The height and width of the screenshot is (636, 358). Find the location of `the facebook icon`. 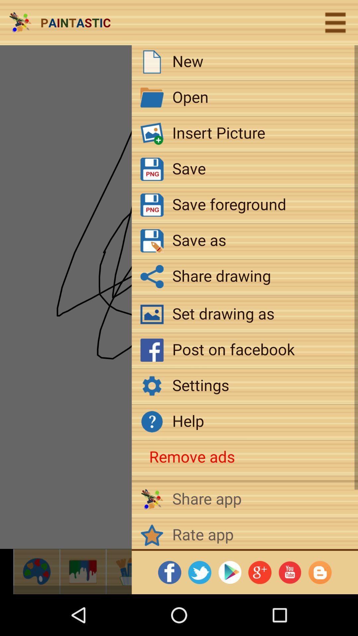

the facebook icon is located at coordinates (175, 571).